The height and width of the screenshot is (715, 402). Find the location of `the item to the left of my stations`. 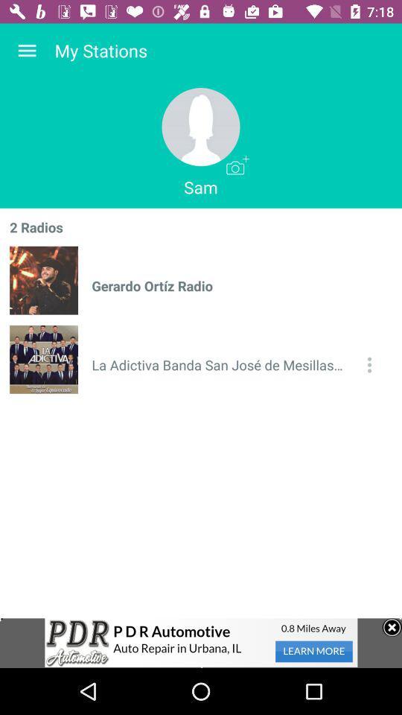

the item to the left of my stations is located at coordinates (27, 51).